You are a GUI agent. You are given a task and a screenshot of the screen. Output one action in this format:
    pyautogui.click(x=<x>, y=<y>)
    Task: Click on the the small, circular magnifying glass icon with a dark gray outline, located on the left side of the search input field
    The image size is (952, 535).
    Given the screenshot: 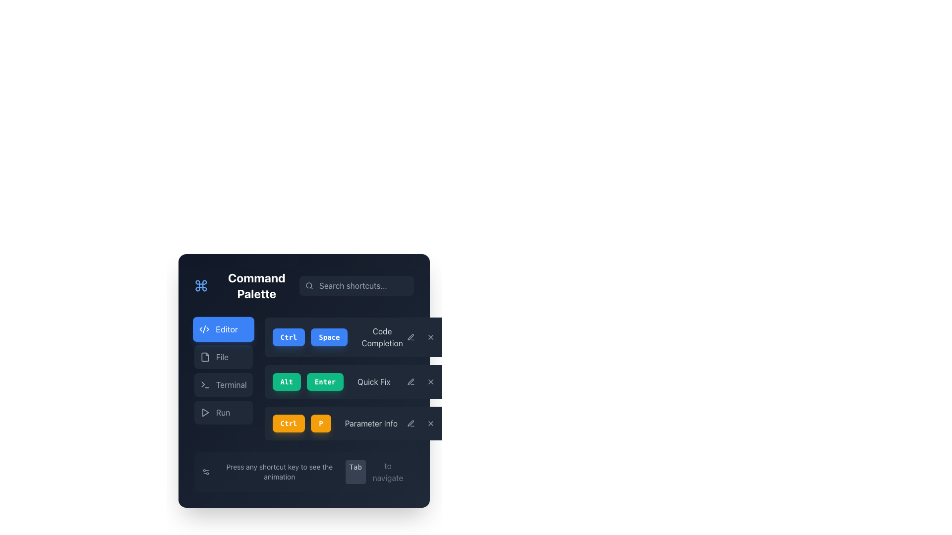 What is the action you would take?
    pyautogui.click(x=309, y=286)
    